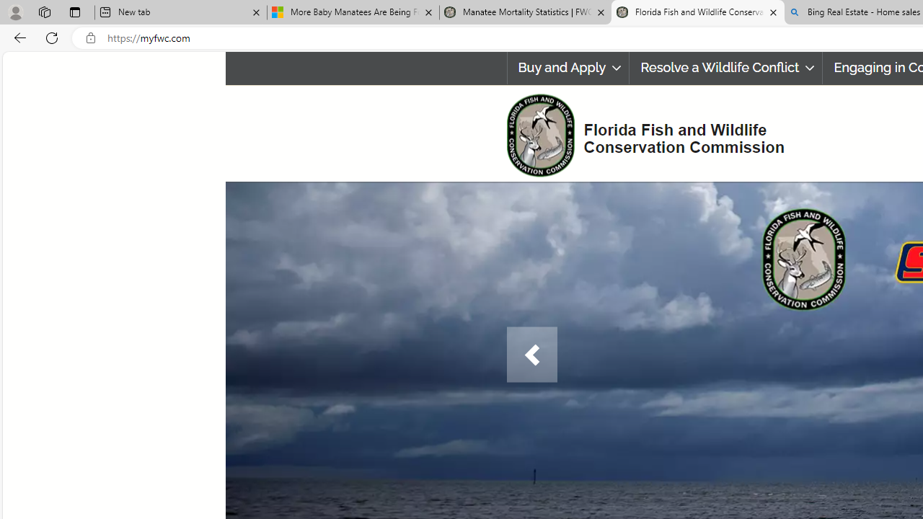  Describe the element at coordinates (567, 68) in the screenshot. I see `'Buy and Apply'` at that location.